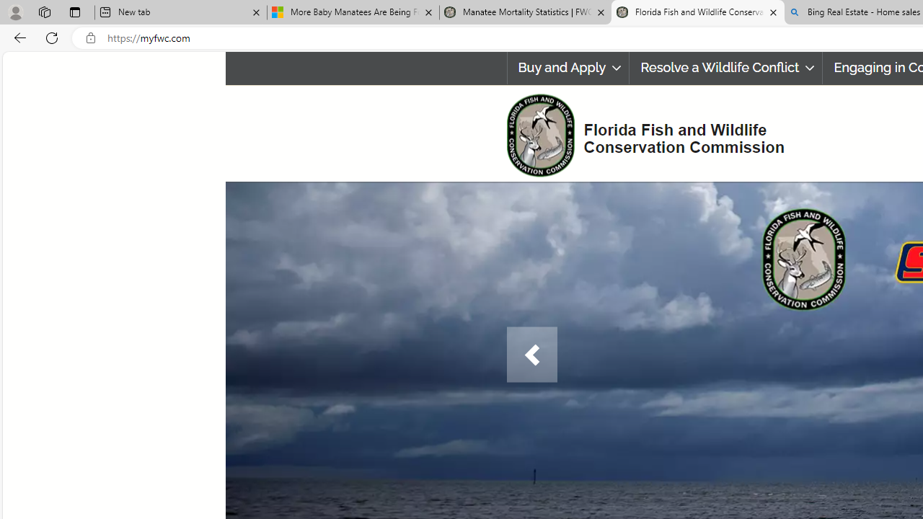  Describe the element at coordinates (567, 68) in the screenshot. I see `'Buy and Apply'` at that location.